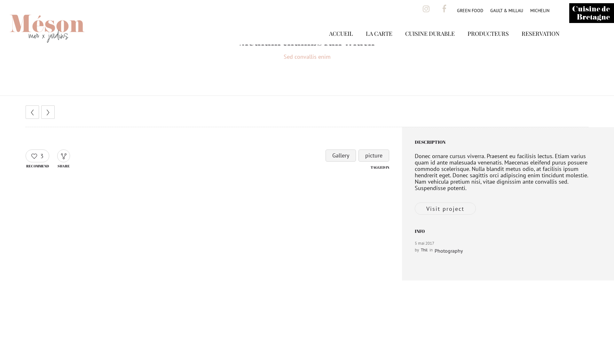 Image resolution: width=614 pixels, height=345 pixels. What do you see at coordinates (430, 43) in the screenshot?
I see `'CUISINE DURABLE'` at bounding box center [430, 43].